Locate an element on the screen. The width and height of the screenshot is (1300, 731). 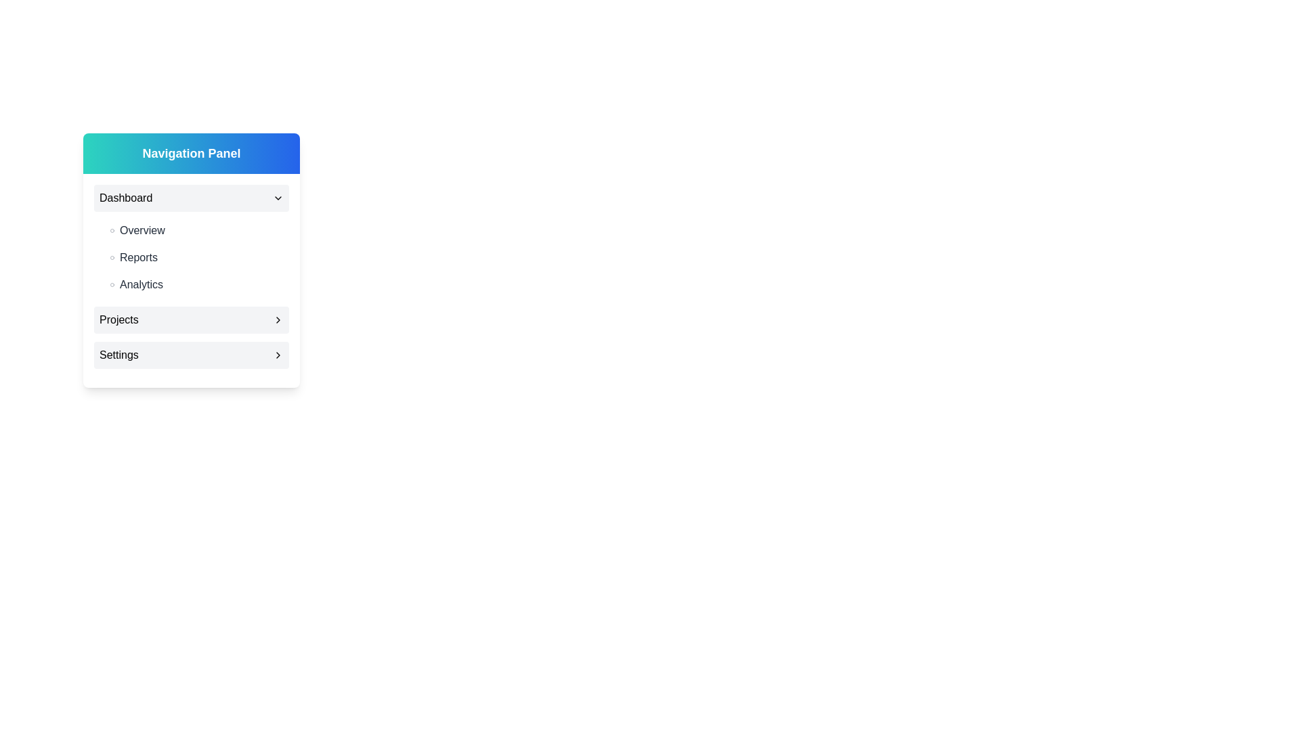
the topmost button in the collapsible navigation menu is located at coordinates (191, 198).